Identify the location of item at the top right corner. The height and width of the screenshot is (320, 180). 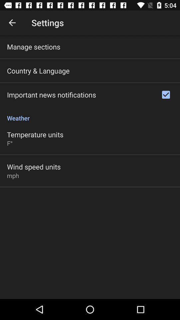
(165, 94).